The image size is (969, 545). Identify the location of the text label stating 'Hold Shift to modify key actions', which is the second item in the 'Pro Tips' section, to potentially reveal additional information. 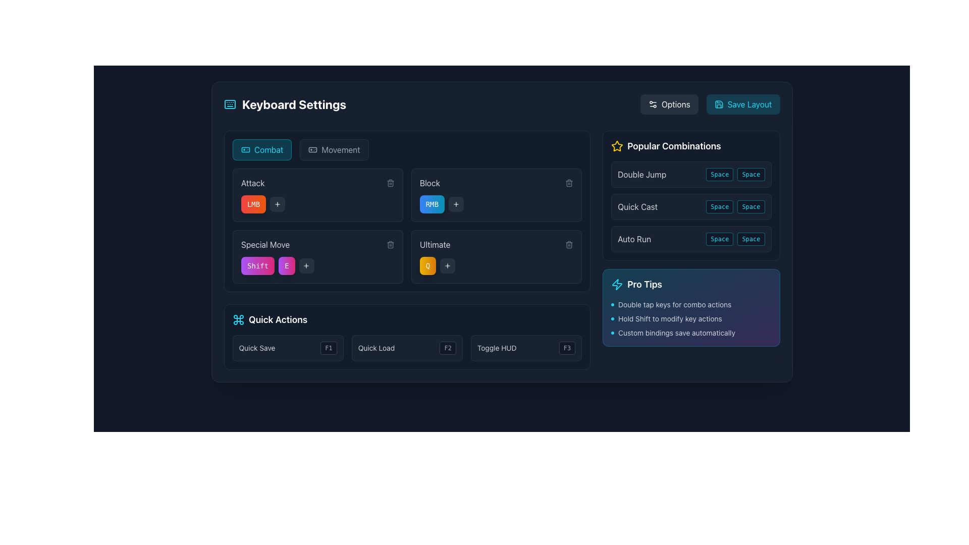
(690, 319).